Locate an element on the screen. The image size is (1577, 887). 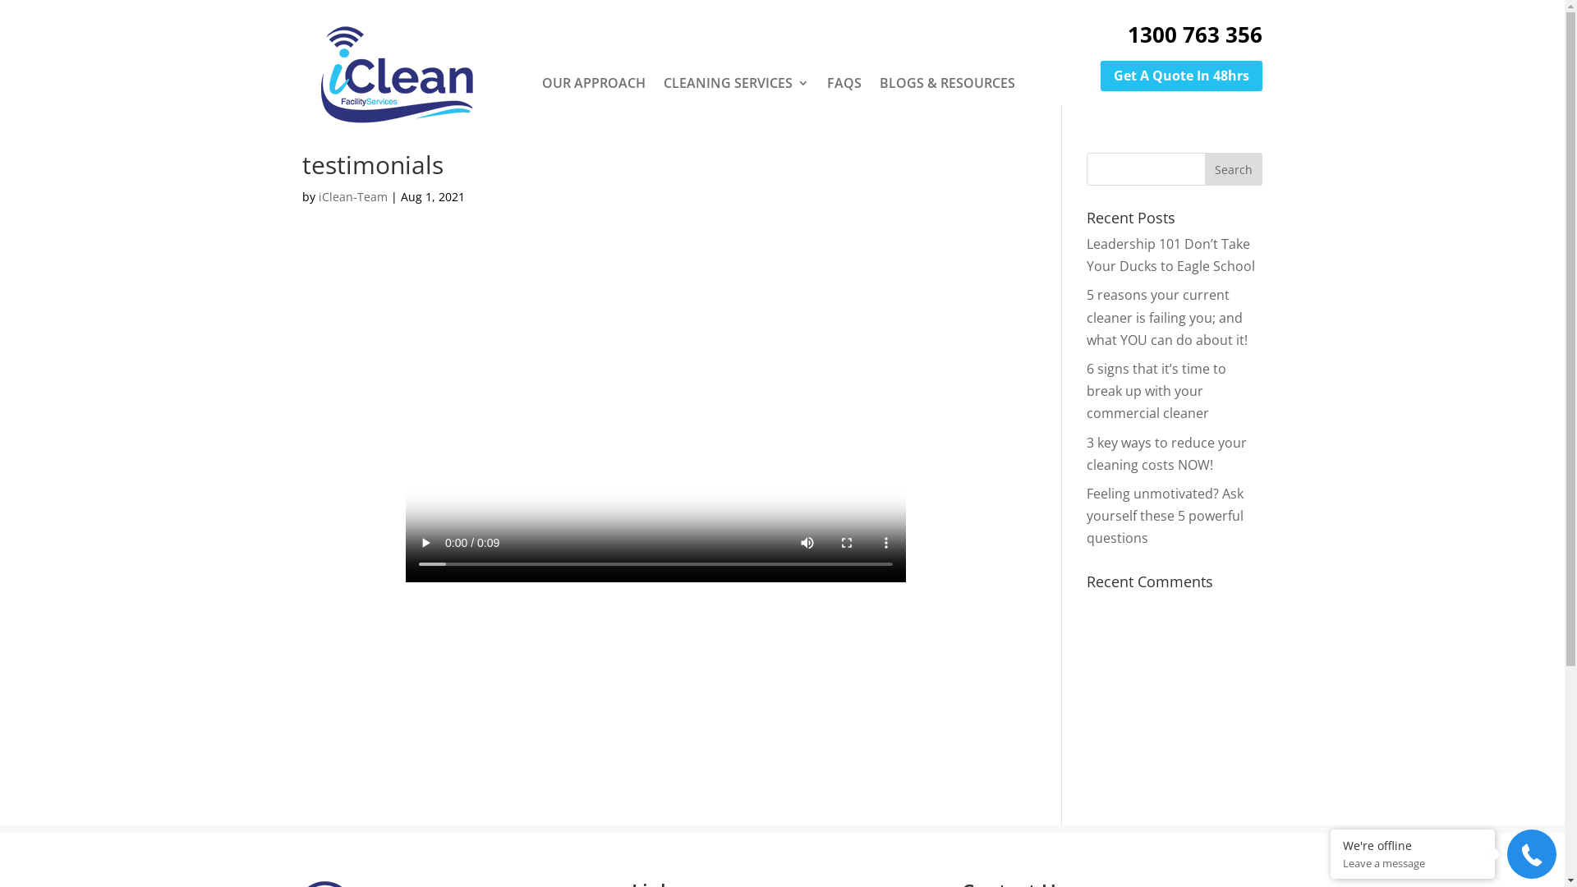
'OUR APPROACH' is located at coordinates (593, 82).